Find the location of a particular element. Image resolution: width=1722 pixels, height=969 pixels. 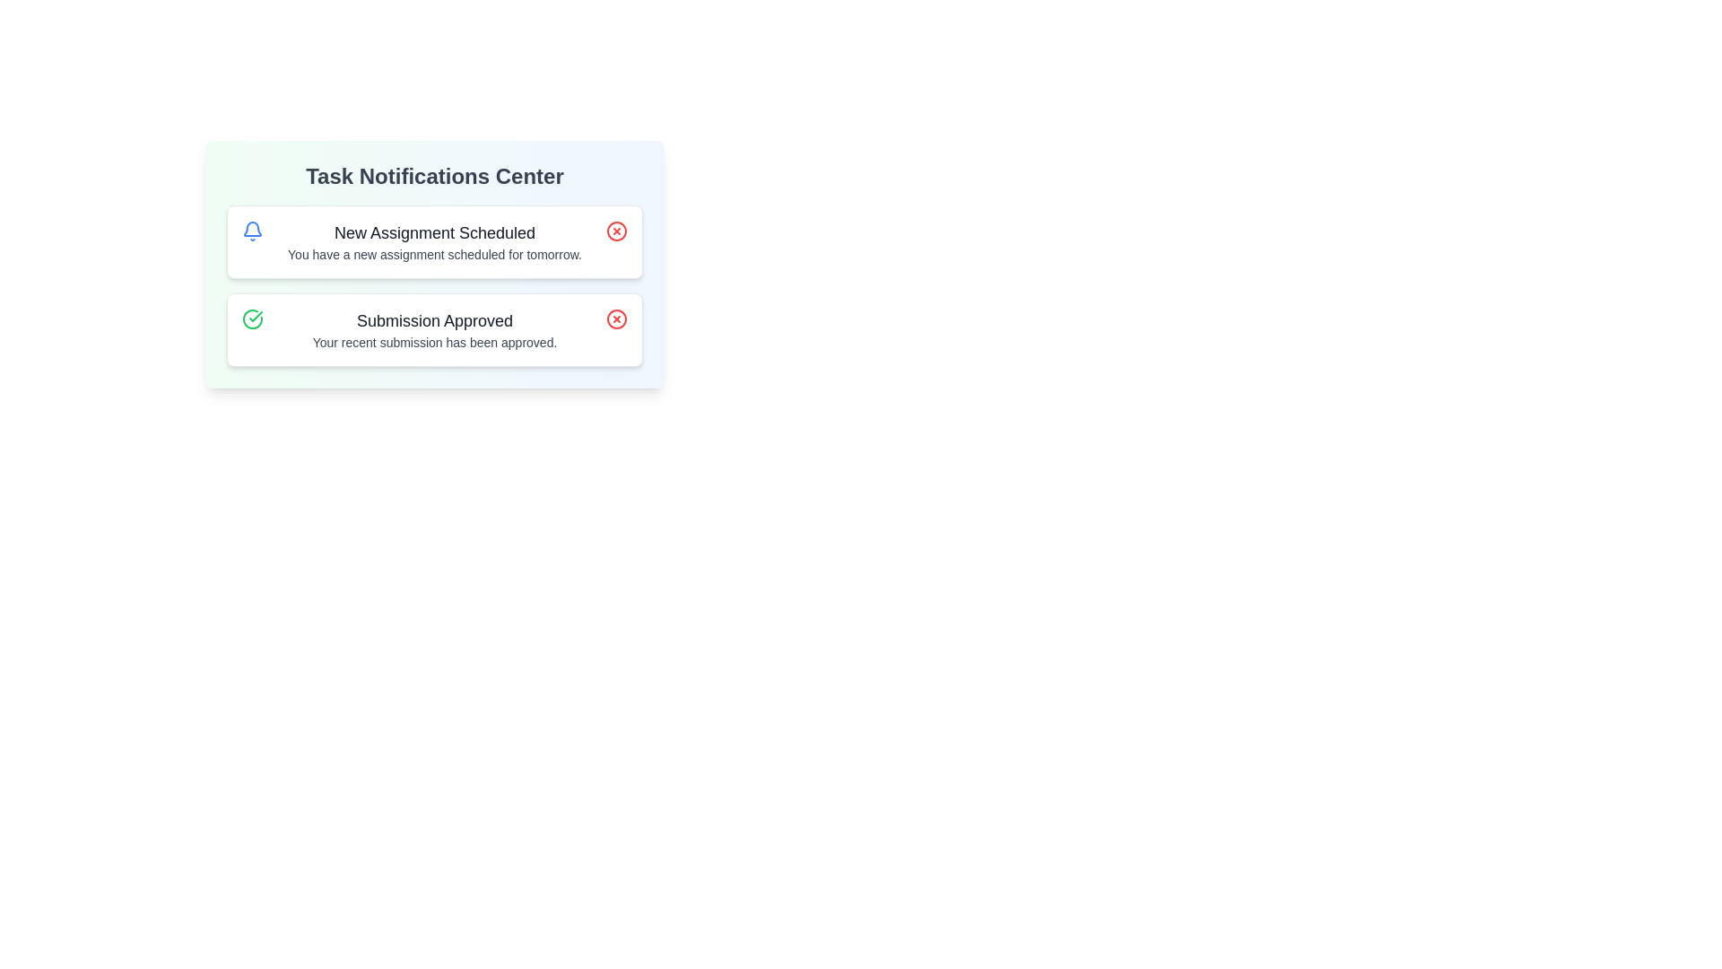

the close button for the notification titled 'Submission Approved' is located at coordinates (616, 318).